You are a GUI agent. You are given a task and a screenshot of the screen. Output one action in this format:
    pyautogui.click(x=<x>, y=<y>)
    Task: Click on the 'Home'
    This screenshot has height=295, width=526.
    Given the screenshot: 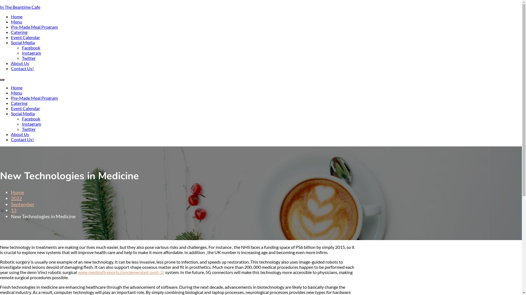 What is the action you would take?
    pyautogui.click(x=17, y=192)
    